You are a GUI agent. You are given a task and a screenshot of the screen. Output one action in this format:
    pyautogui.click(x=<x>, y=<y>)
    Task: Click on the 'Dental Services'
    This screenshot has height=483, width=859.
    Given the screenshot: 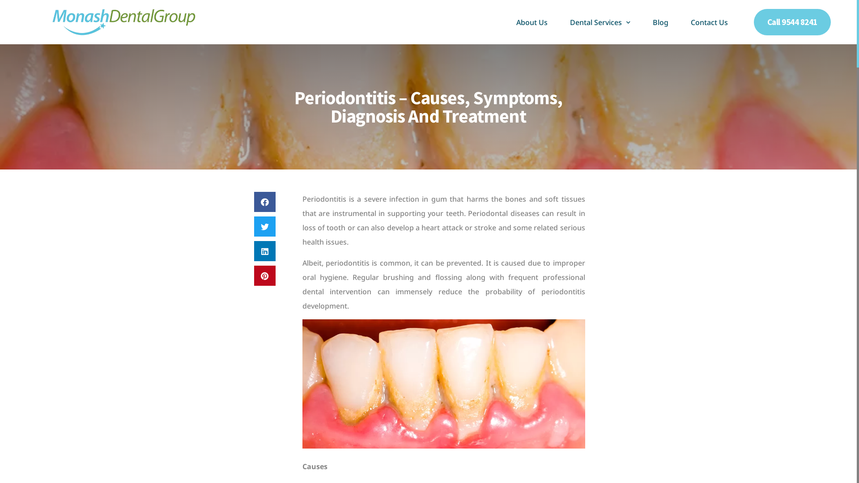 What is the action you would take?
    pyautogui.click(x=600, y=22)
    